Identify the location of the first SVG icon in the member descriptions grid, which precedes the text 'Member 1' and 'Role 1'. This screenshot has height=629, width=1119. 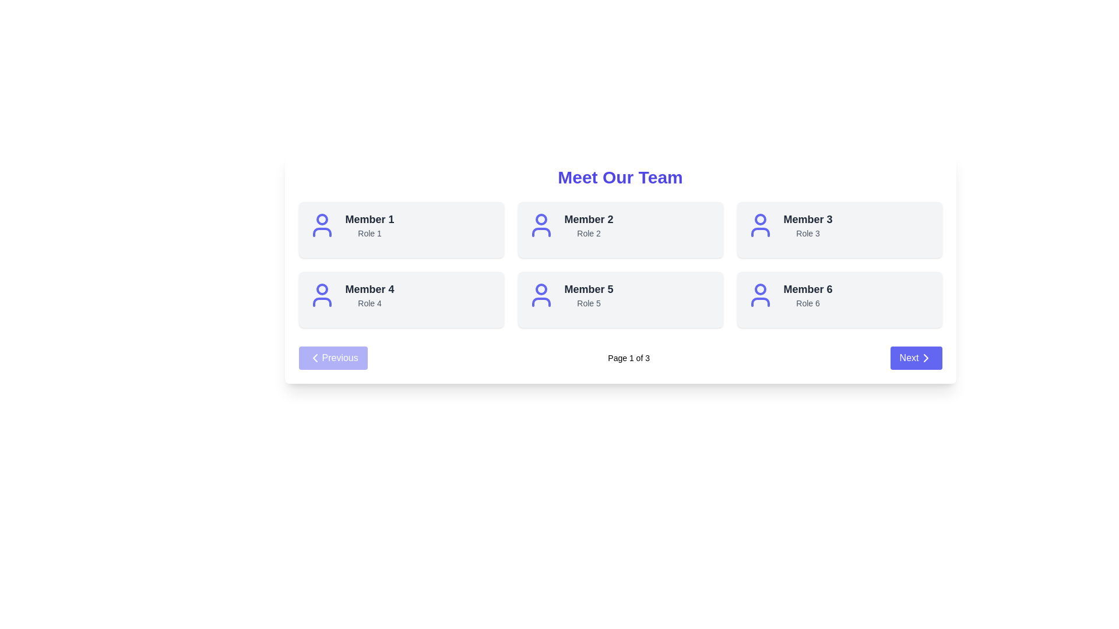
(322, 225).